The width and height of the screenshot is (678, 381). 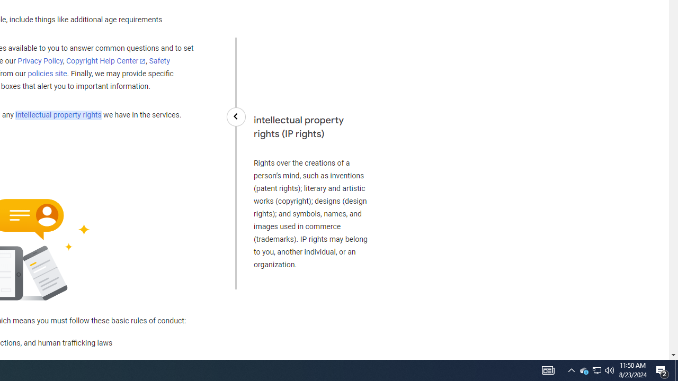 I want to click on 'policies site', so click(x=47, y=74).